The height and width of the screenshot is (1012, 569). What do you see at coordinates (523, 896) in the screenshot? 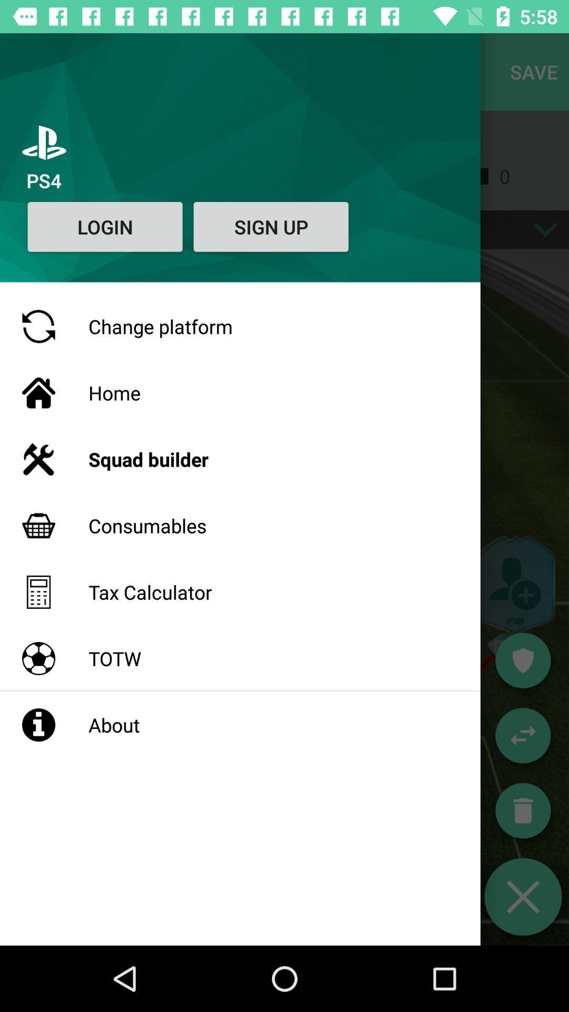
I see `the close icon` at bounding box center [523, 896].